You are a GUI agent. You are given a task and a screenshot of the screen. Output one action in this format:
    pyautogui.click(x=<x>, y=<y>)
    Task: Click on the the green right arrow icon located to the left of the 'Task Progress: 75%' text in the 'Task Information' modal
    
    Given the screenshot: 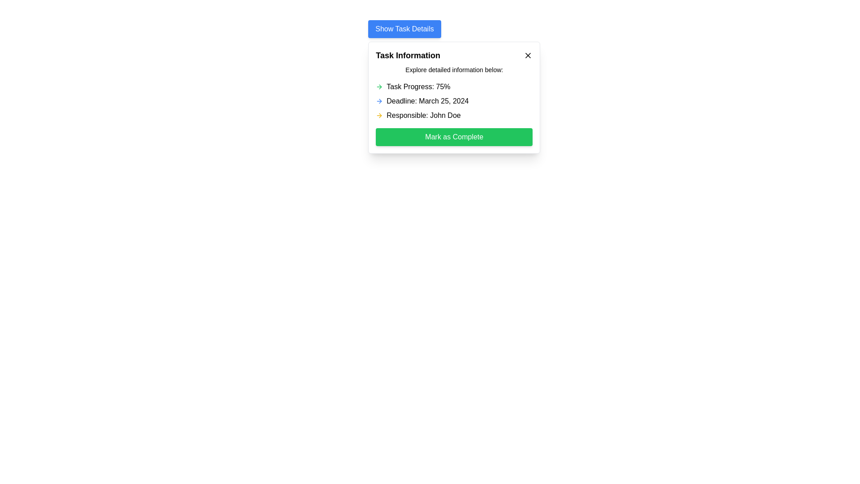 What is the action you would take?
    pyautogui.click(x=379, y=86)
    